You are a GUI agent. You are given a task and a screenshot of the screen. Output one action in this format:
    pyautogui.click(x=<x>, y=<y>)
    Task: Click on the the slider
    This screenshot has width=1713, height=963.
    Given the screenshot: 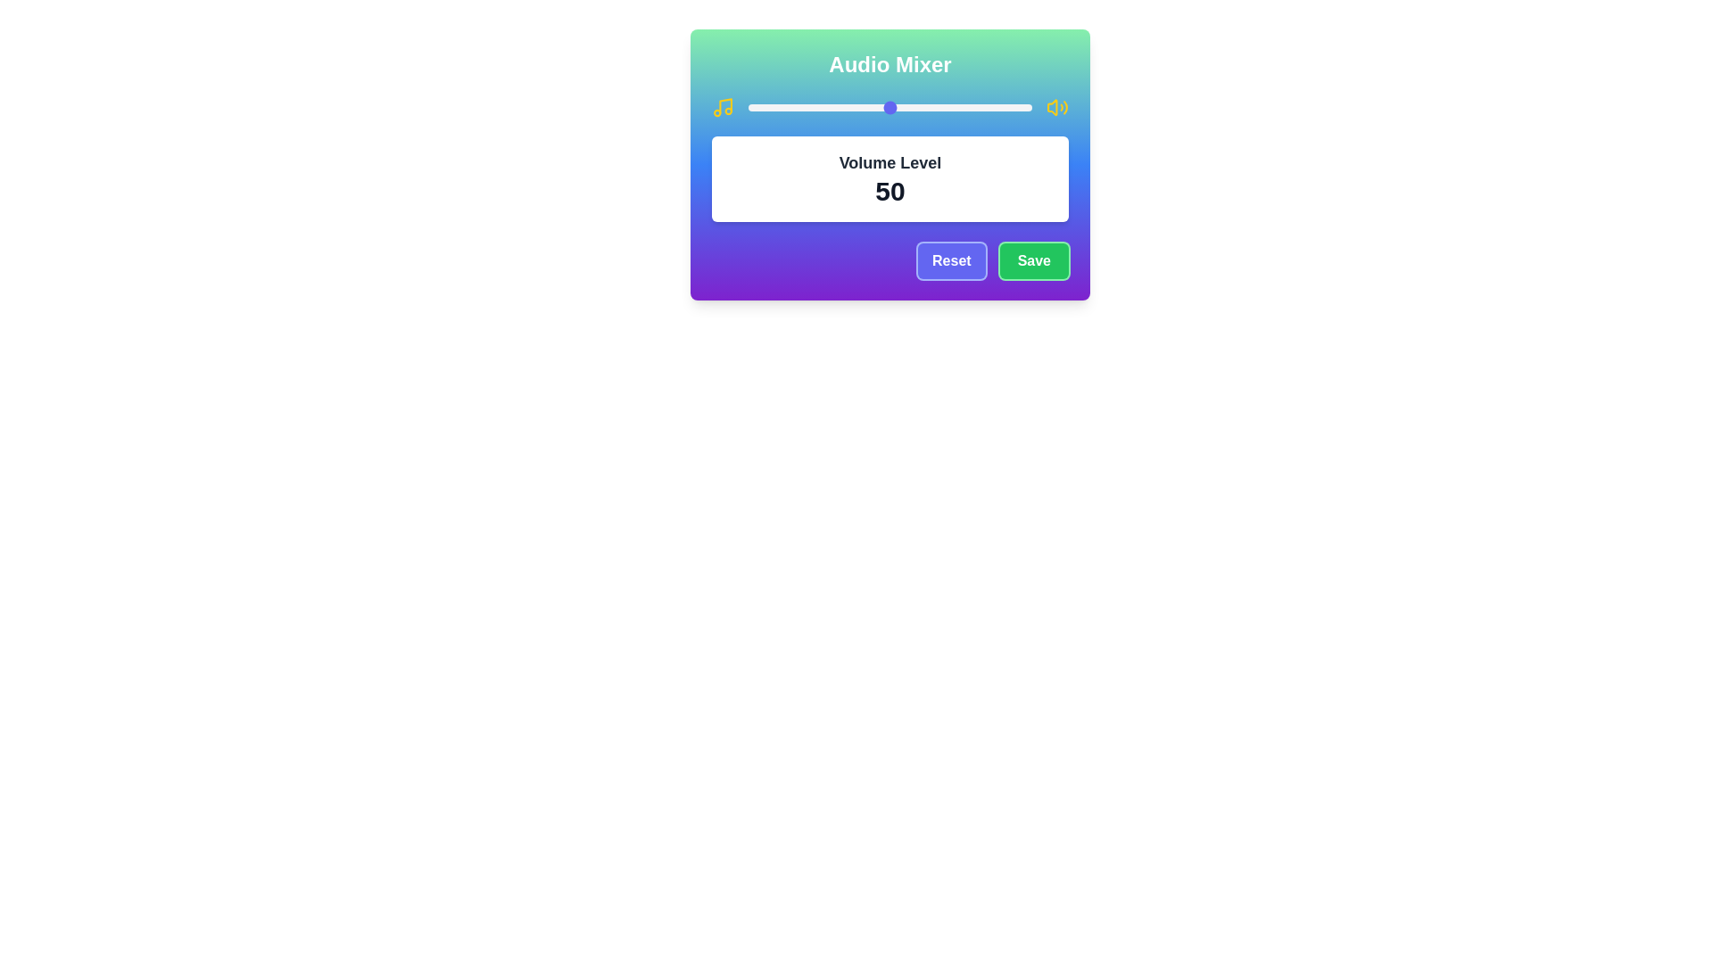 What is the action you would take?
    pyautogui.click(x=852, y=107)
    